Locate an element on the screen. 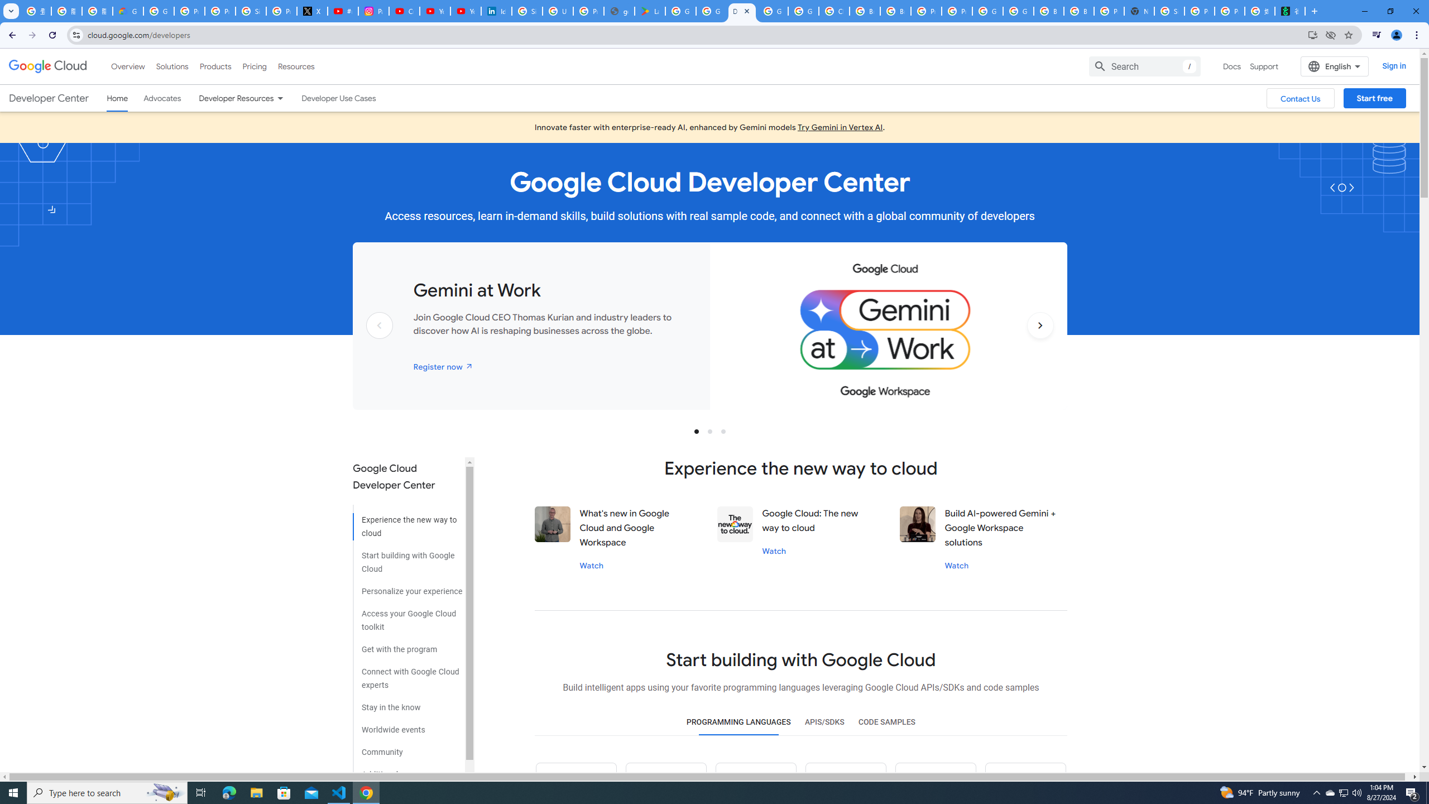 The height and width of the screenshot is (804, 1429). 'Browse Chrome as a guest - Computer - Google Chrome Help' is located at coordinates (1049, 11).